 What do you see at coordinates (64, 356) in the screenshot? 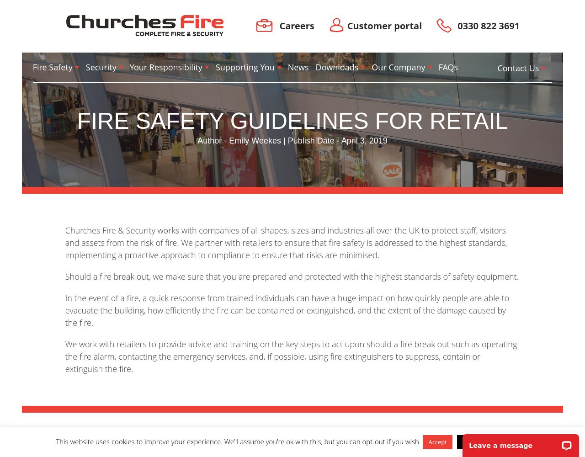
I see `'We work with retailers to provide advice and training on the key steps to act upon should a fire break out such as operating the fire alarm, contacting the emergency services, and, if possible, using fire extinguishers to suppress, contain or extinguish the fire.'` at bounding box center [64, 356].